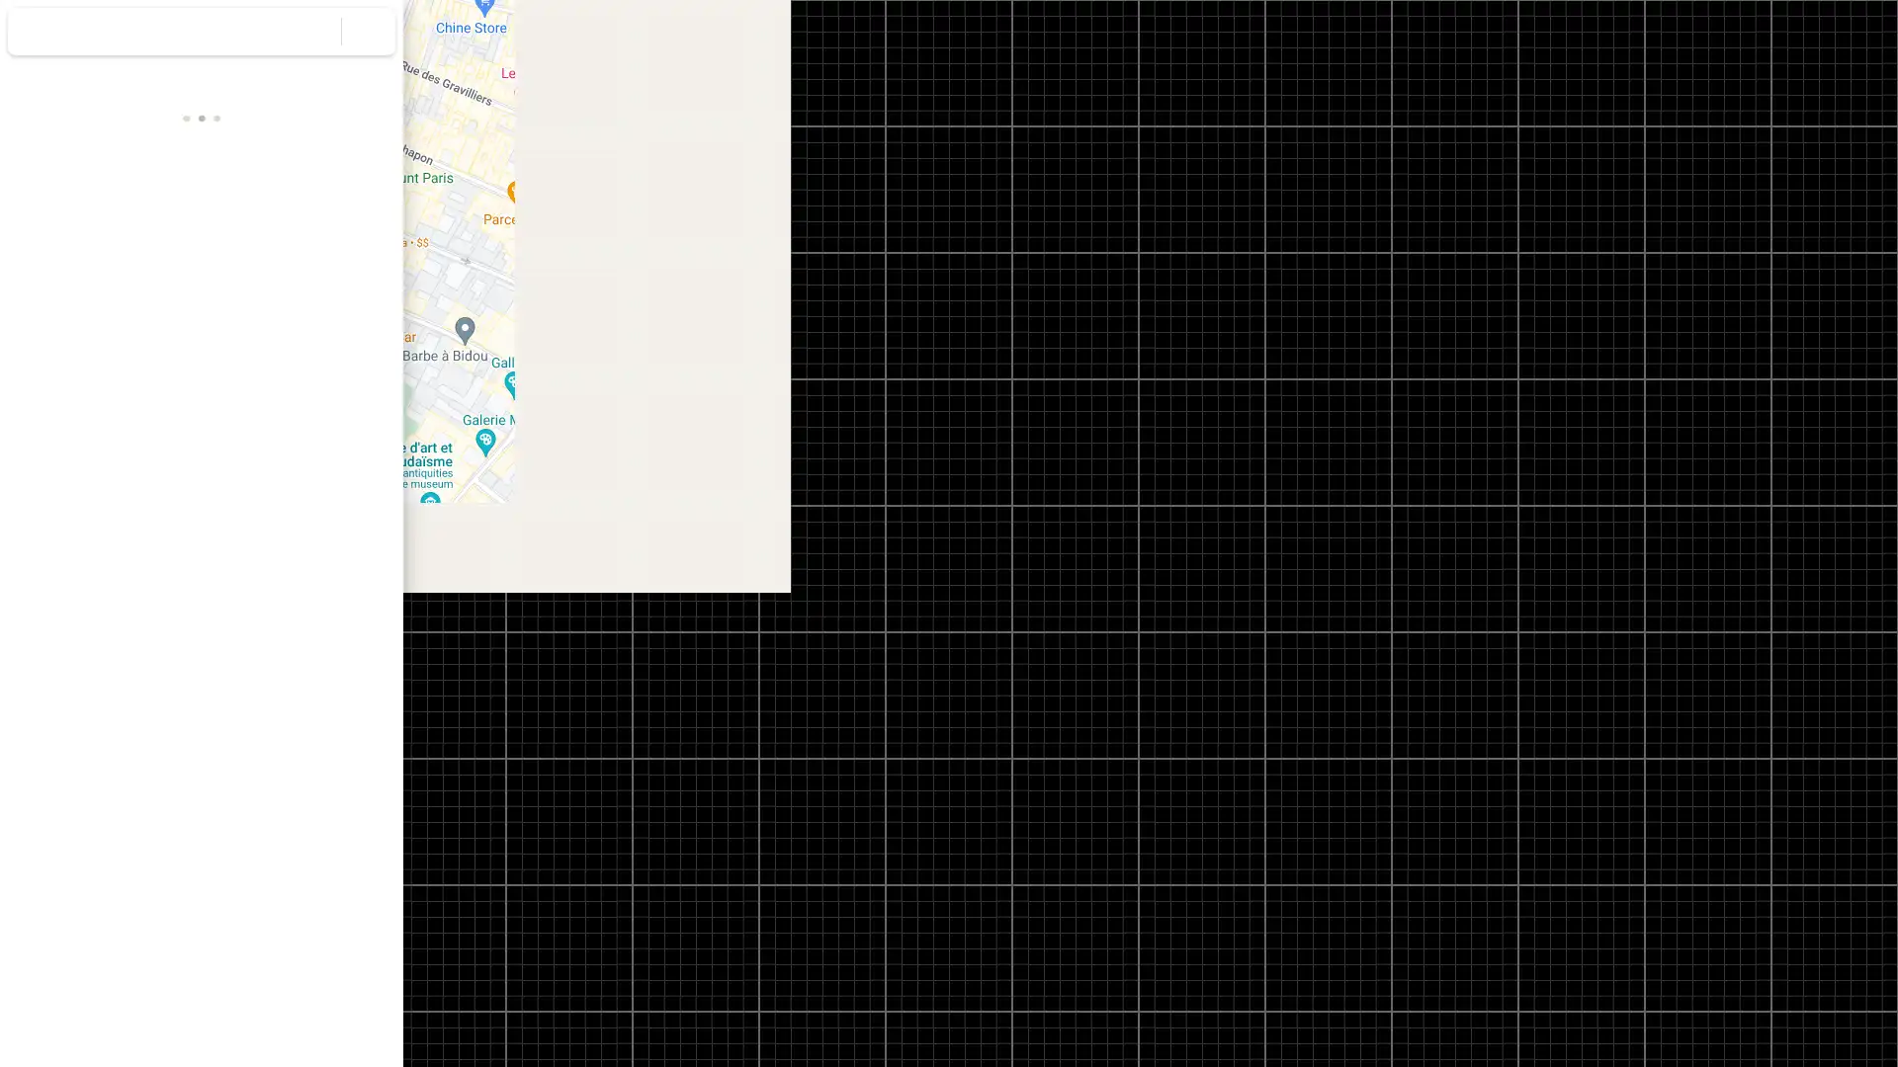 The image size is (1898, 1067). What do you see at coordinates (379, 472) in the screenshot?
I see `Learn more about plus codes` at bounding box center [379, 472].